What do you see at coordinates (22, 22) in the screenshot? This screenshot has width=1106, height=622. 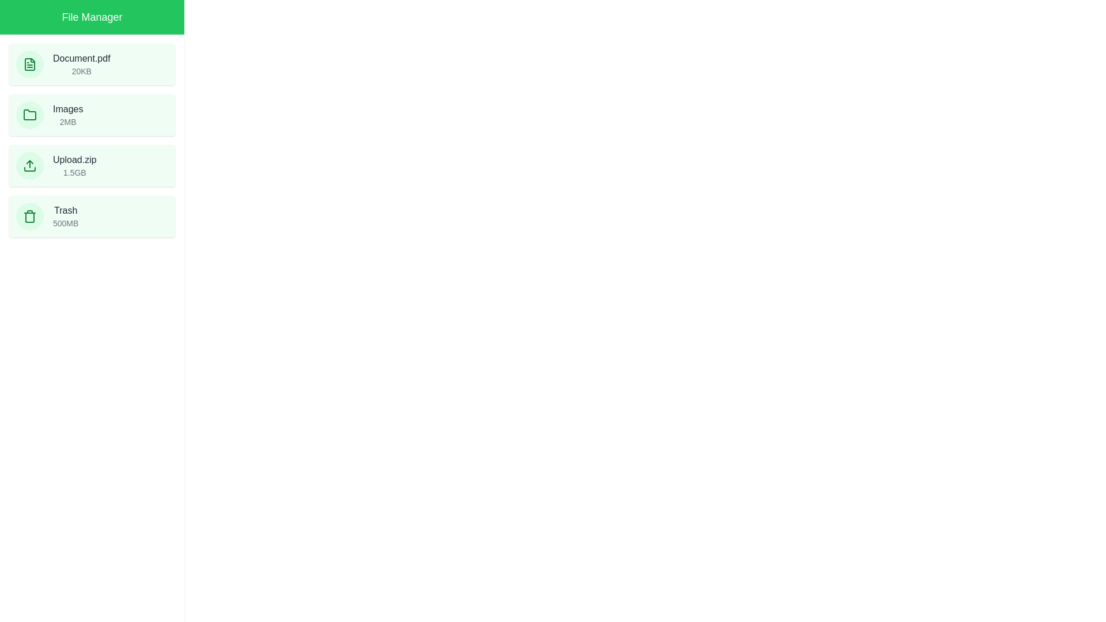 I see `the button in the top-left corner to toggle the drawer visibility` at bounding box center [22, 22].